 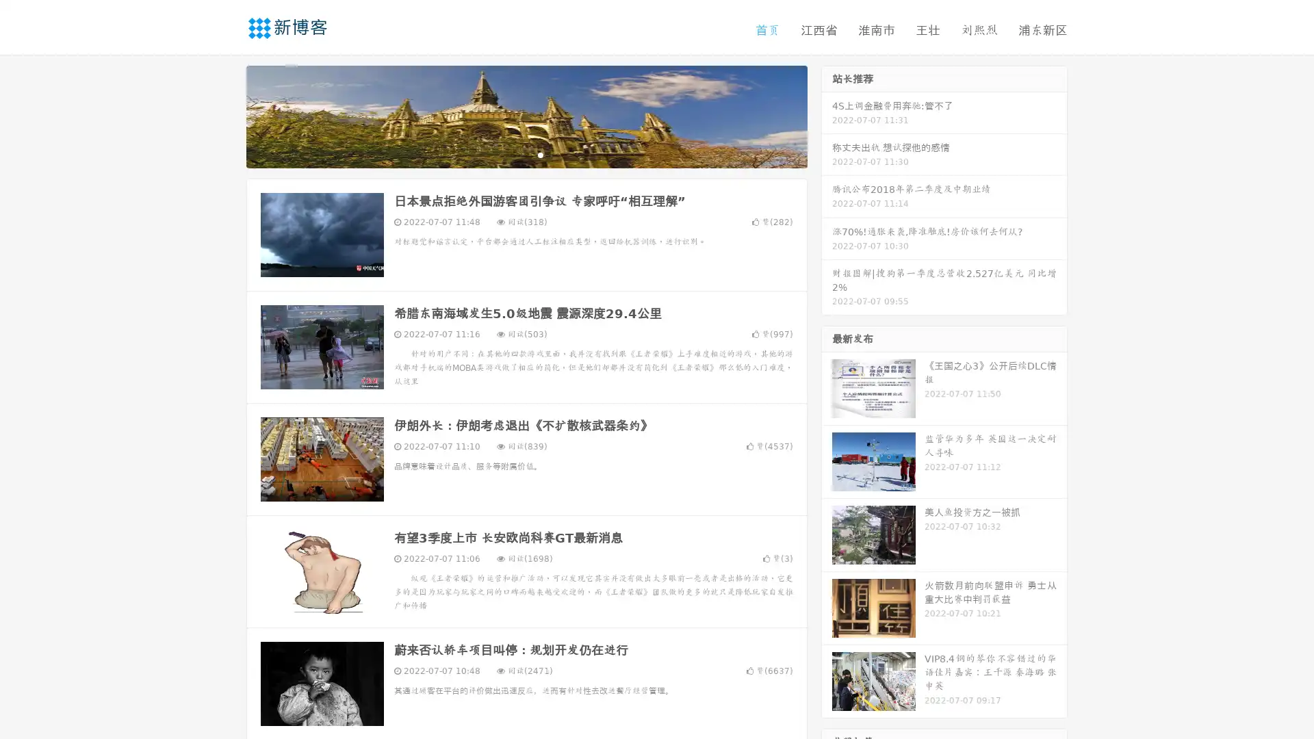 What do you see at coordinates (226, 115) in the screenshot?
I see `Previous slide` at bounding box center [226, 115].